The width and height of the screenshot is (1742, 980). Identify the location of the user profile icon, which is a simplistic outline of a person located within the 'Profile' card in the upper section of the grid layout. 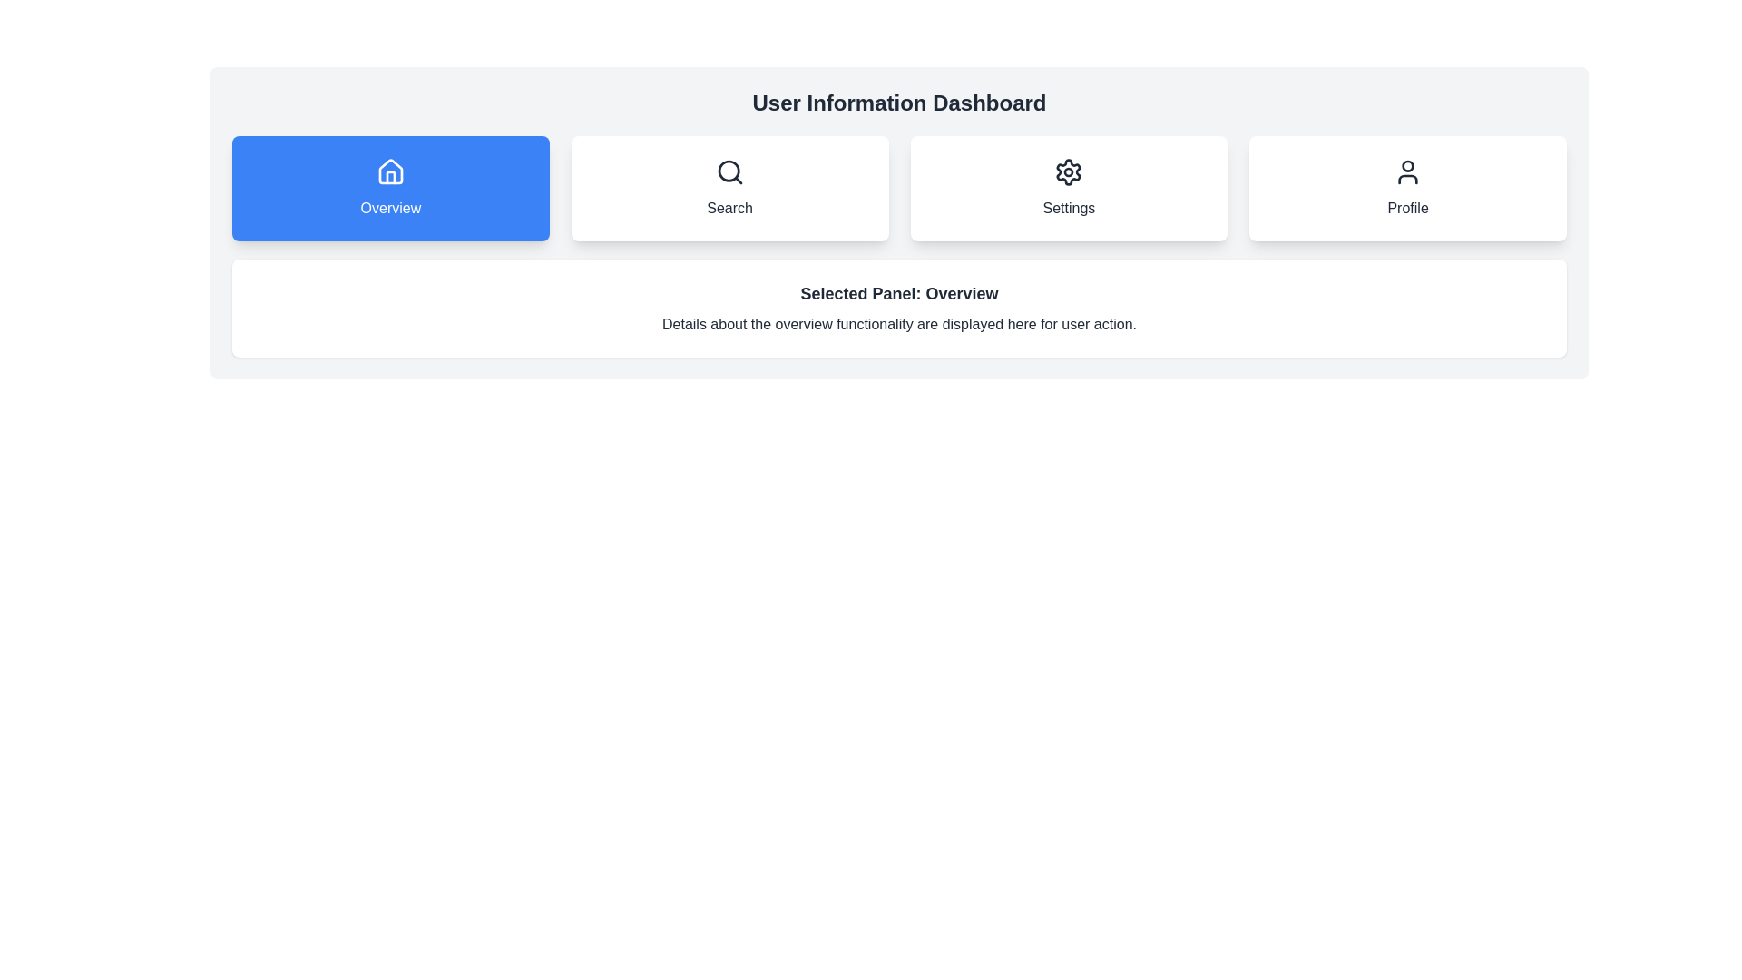
(1407, 171).